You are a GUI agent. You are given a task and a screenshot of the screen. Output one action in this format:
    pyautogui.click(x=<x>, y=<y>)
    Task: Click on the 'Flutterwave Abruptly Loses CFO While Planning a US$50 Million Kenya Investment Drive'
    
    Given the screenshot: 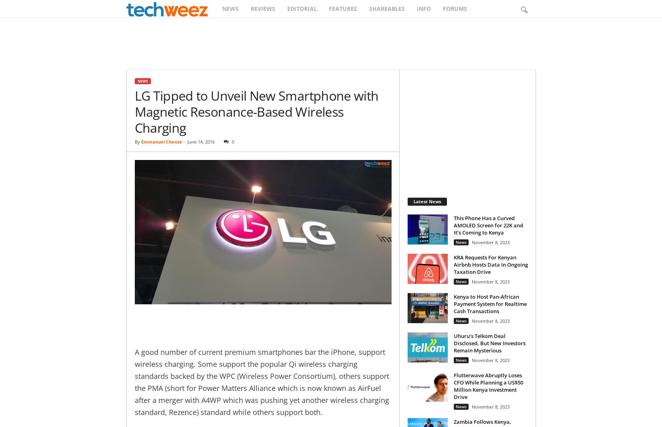 What is the action you would take?
    pyautogui.click(x=488, y=386)
    